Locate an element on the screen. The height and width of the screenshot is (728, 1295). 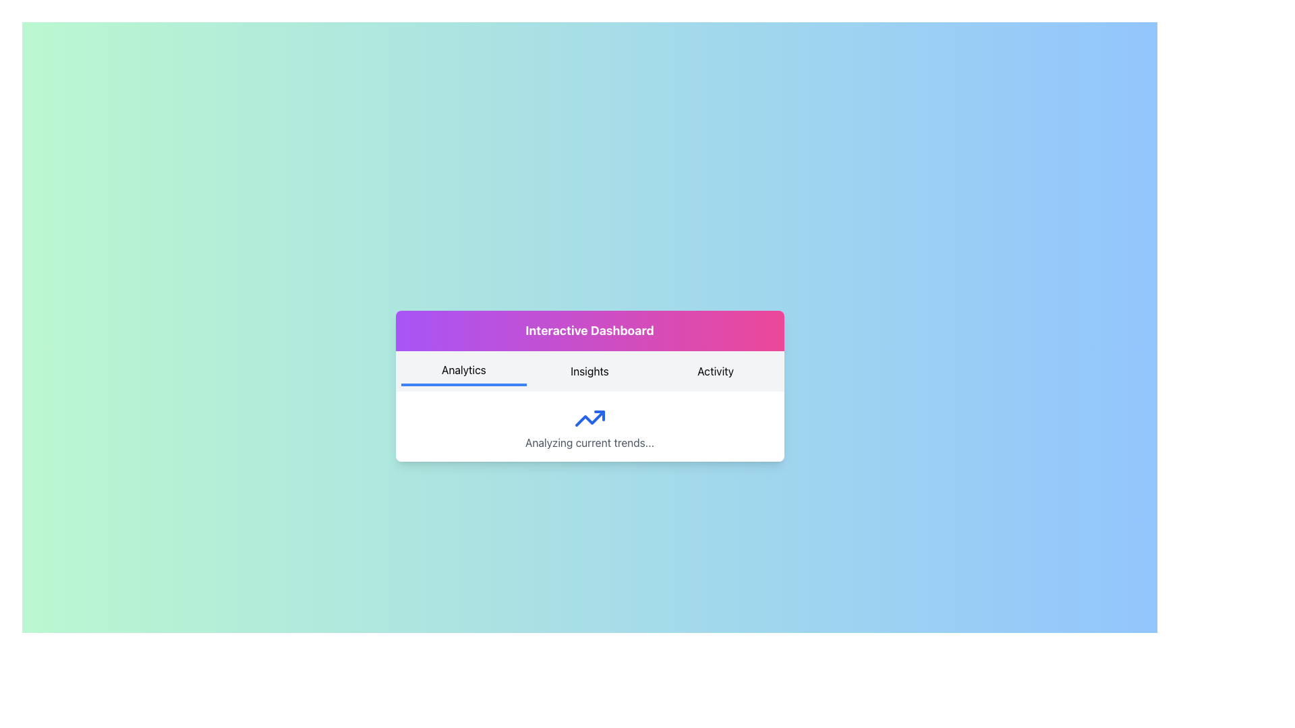
the decorative and informational text element reading 'Analyzing current trends...' with an upward trending arrow icon, located centrally beneath the navigation tabs in the 'Interactive Dashboard' is located at coordinates (589, 426).